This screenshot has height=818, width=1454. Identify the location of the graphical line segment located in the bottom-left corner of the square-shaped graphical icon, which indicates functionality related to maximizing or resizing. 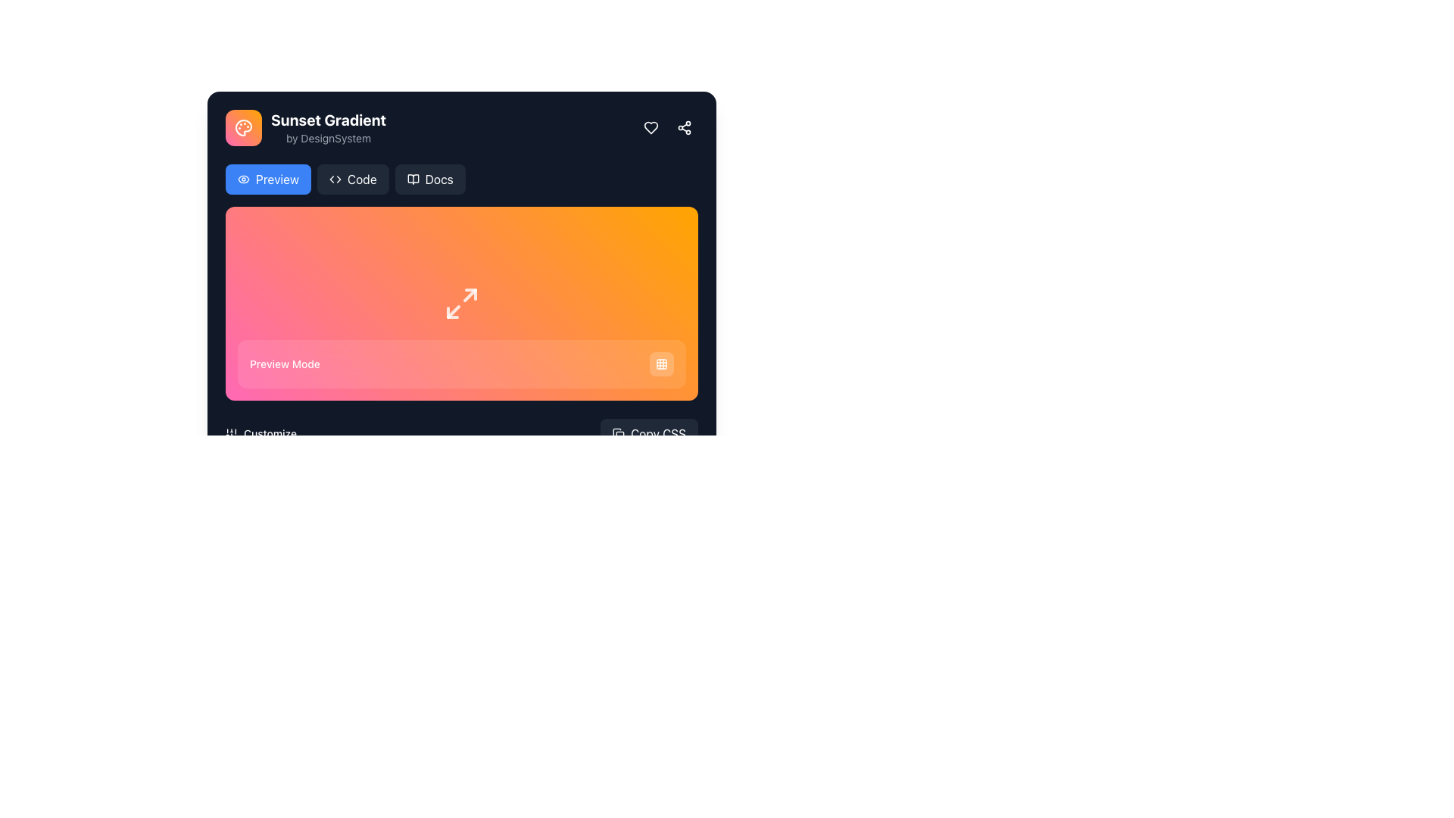
(453, 311).